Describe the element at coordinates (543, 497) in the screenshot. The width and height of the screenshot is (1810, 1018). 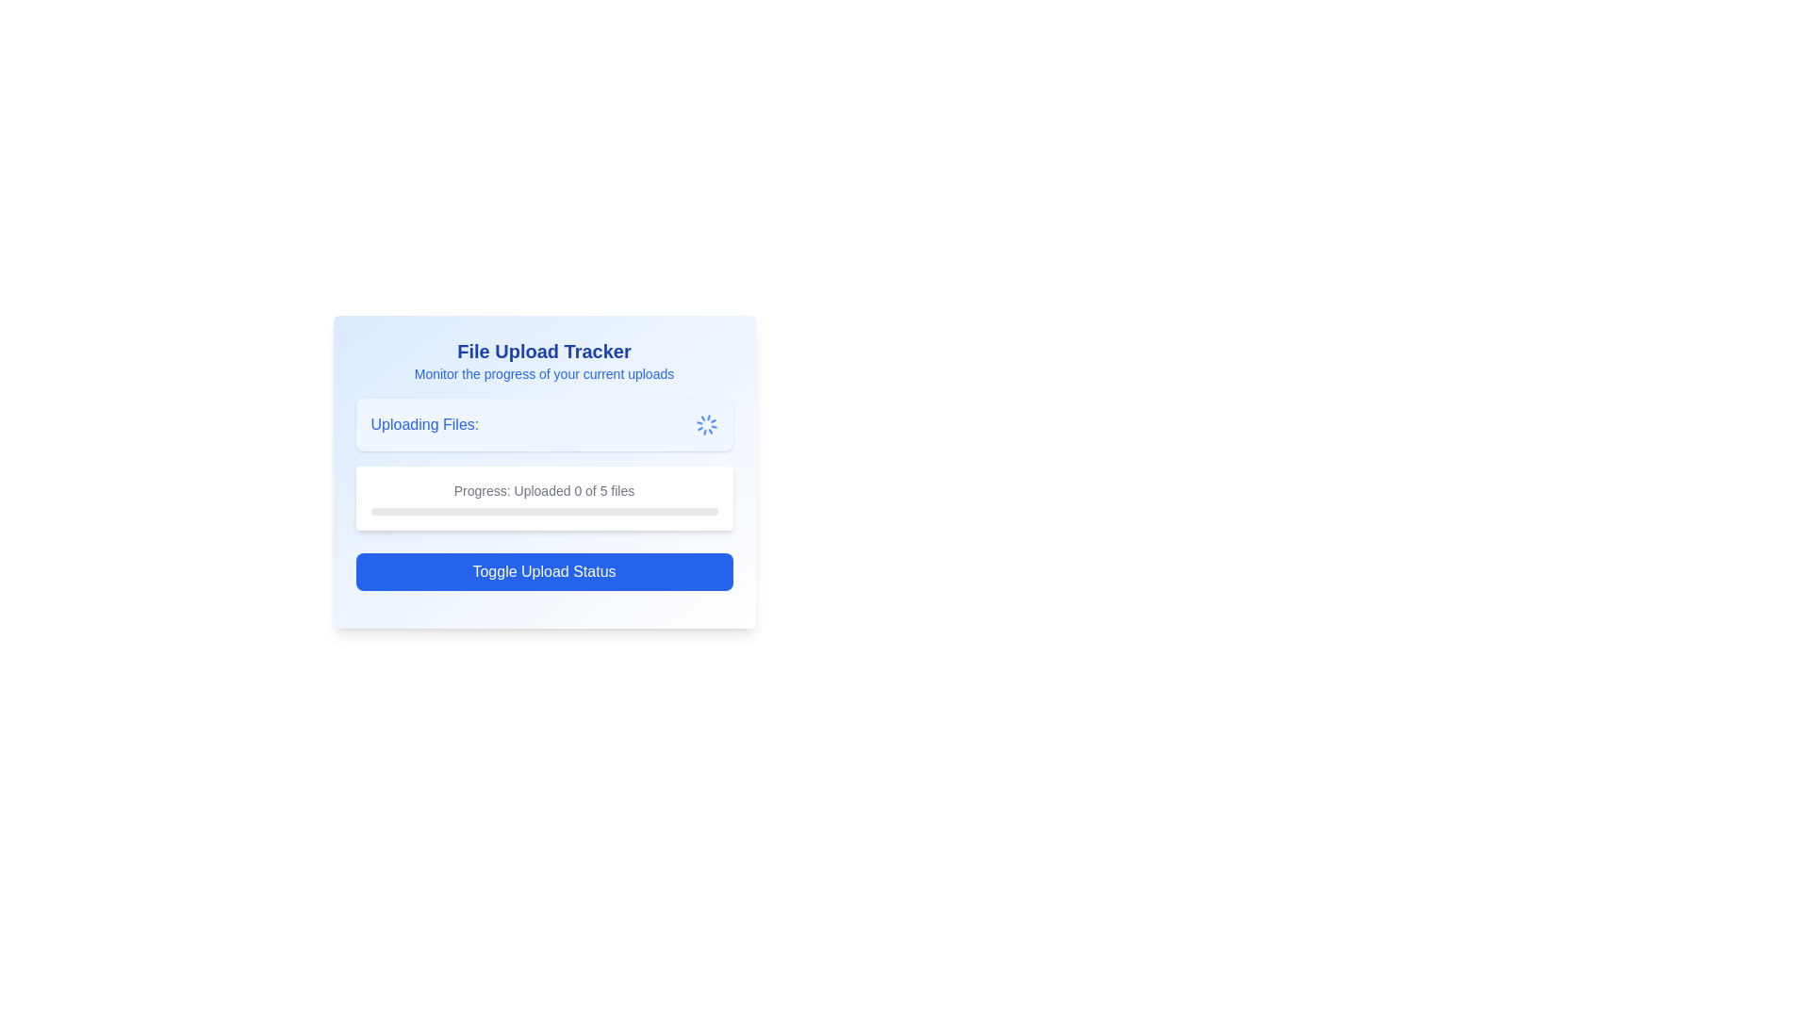
I see `the progress bar of the Progress Indicator with the text 'Progress: Uploaded 0 of 5 files'` at that location.